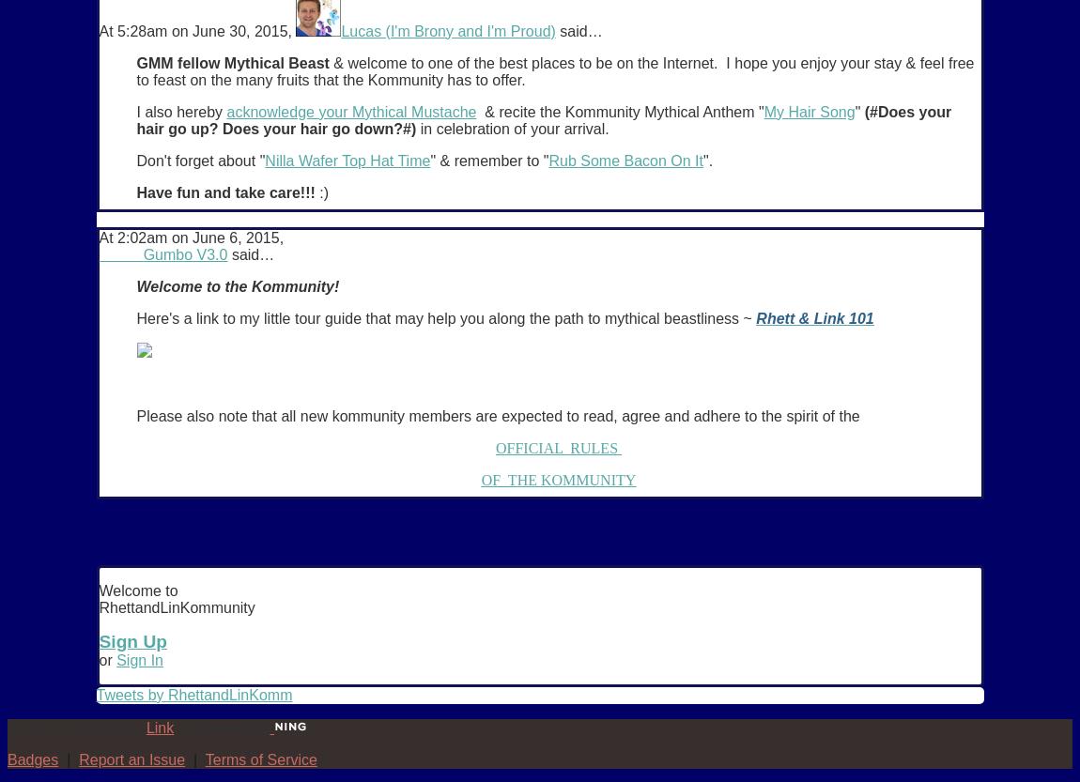 This screenshot has width=1080, height=782. Describe the element at coordinates (183, 253) in the screenshot. I see `'Gumbo V3.0'` at that location.